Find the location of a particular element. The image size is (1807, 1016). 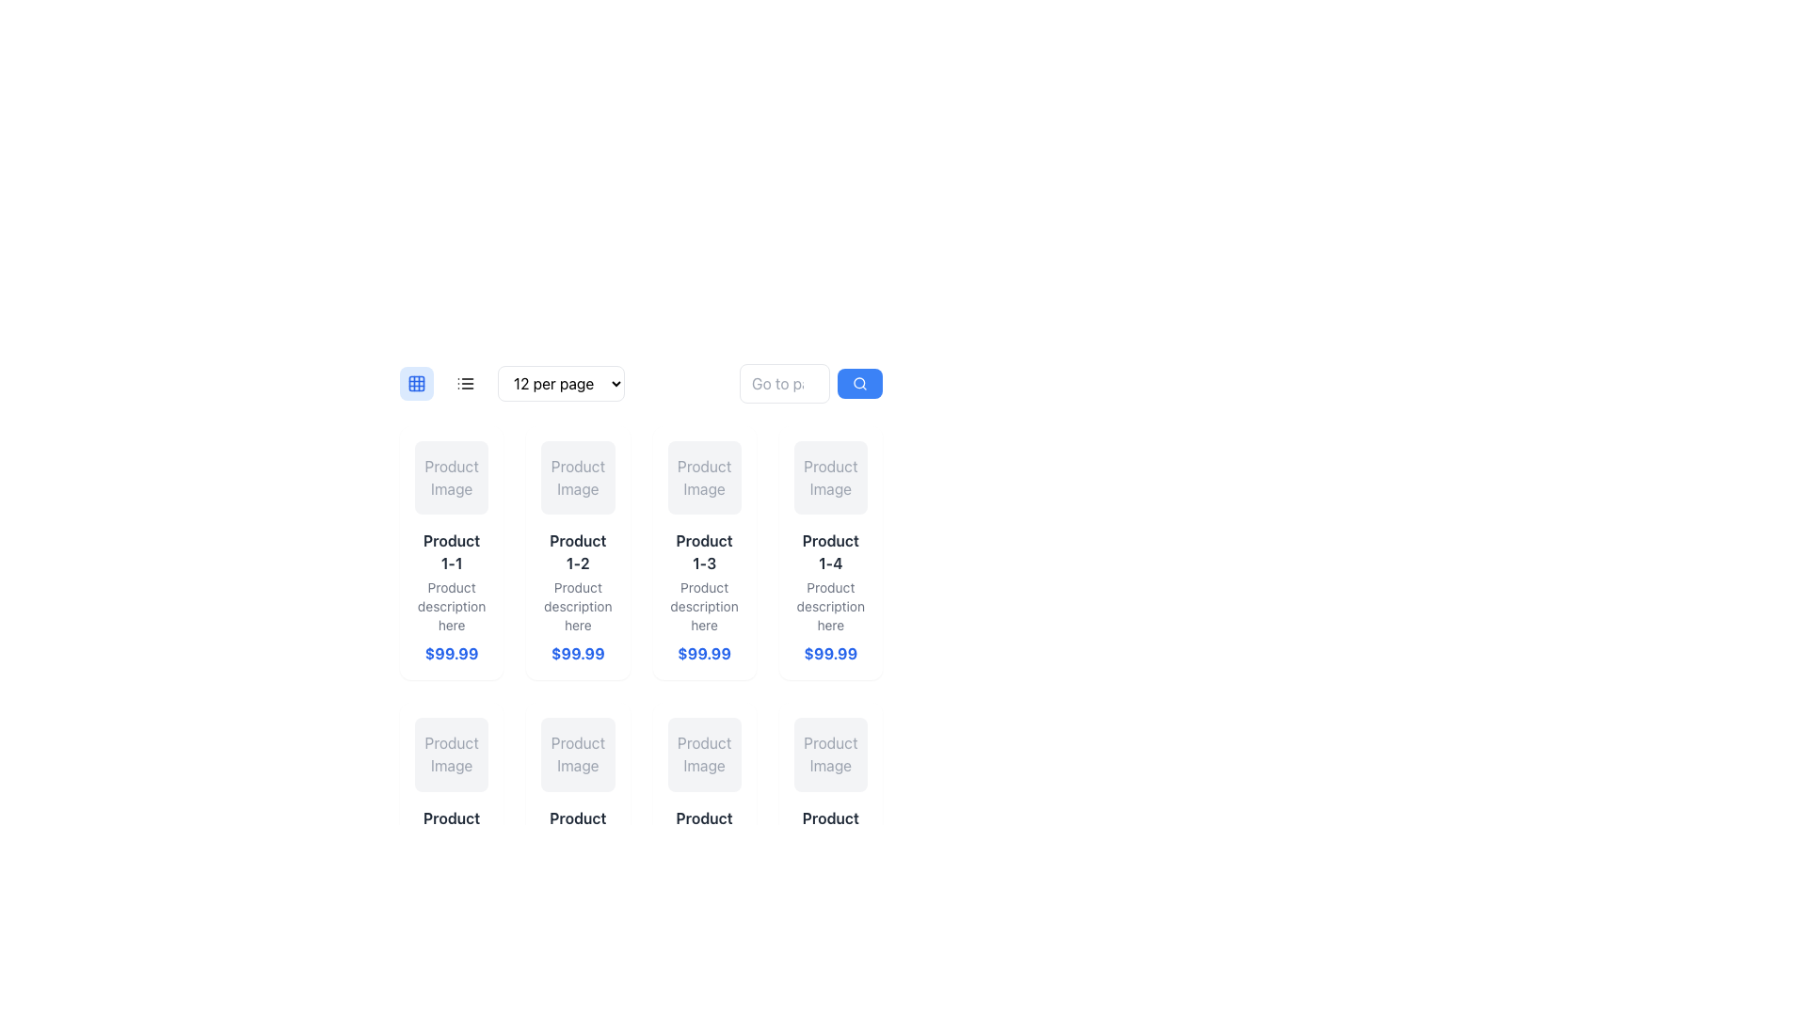

the input field or button located in the rightmost group of the top control bar, which allows users to navigate to a specific page by entering a number and clicking the adjacent button is located at coordinates (811, 383).